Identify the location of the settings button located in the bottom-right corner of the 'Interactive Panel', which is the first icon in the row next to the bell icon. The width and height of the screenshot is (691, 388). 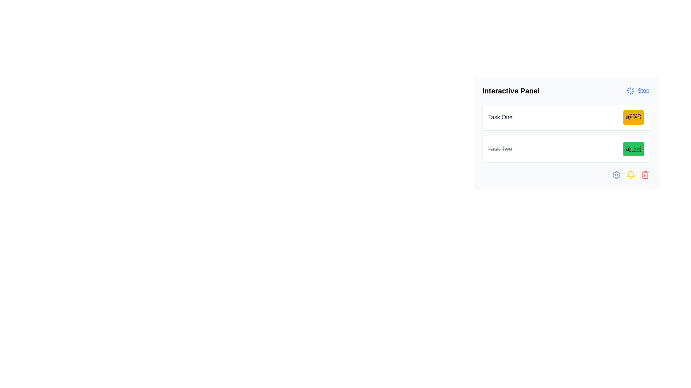
(616, 175).